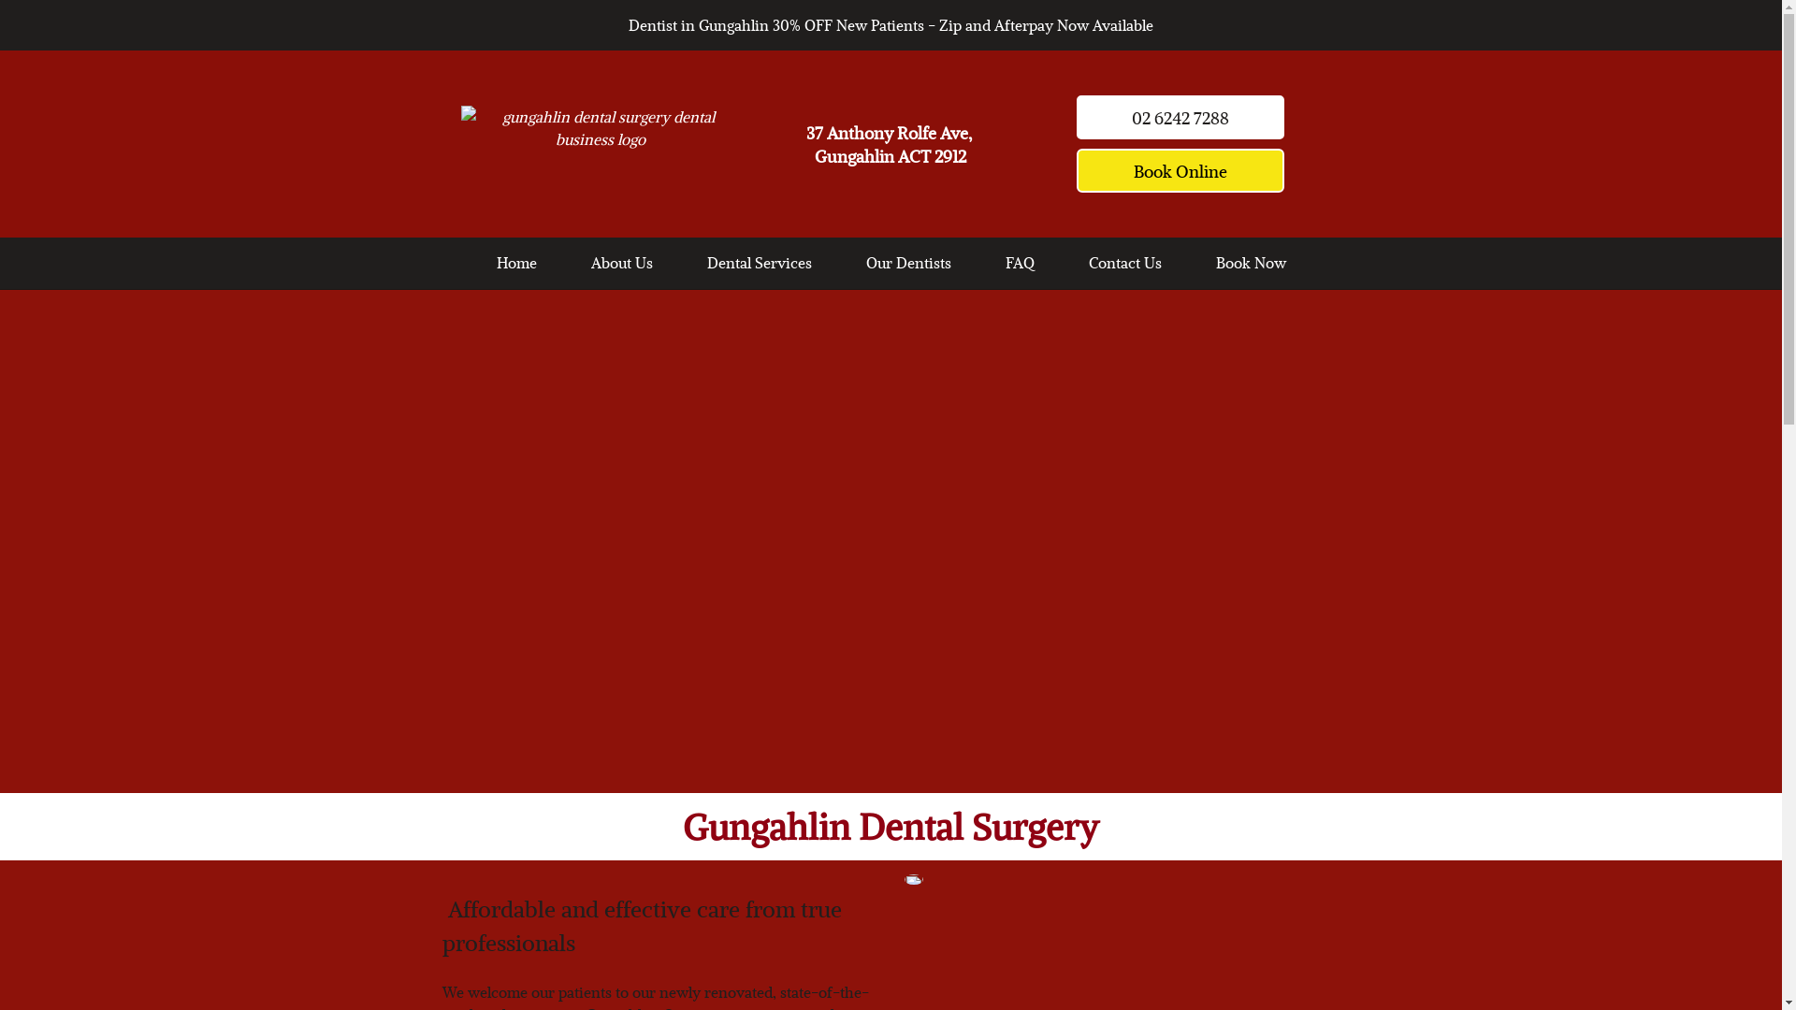  Describe the element at coordinates (622, 262) in the screenshot. I see `'About Us'` at that location.